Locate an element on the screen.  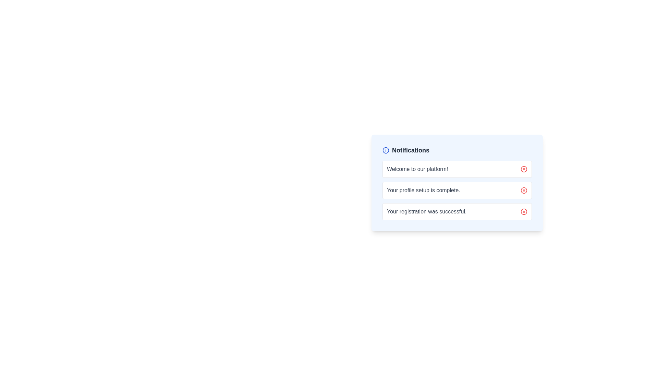
the dismiss button located on the far right of the first notification box, aligned with the text 'Welcome to our platform!' for accessibility purposes is located at coordinates (524, 169).